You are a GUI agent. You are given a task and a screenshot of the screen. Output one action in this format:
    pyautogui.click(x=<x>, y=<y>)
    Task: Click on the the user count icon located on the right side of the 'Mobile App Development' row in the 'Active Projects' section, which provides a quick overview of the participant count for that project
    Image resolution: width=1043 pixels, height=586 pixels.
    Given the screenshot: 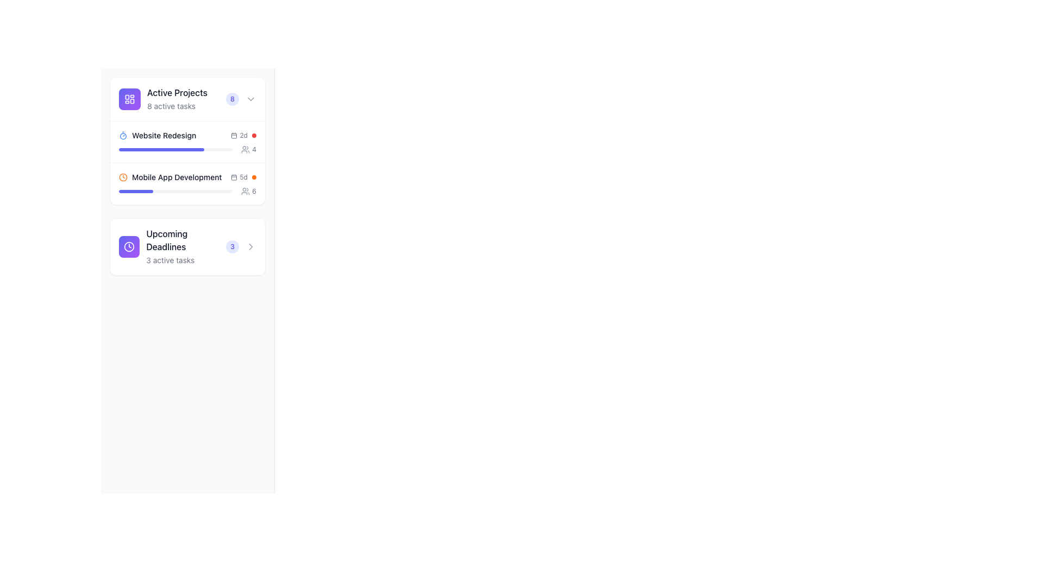 What is the action you would take?
    pyautogui.click(x=248, y=191)
    